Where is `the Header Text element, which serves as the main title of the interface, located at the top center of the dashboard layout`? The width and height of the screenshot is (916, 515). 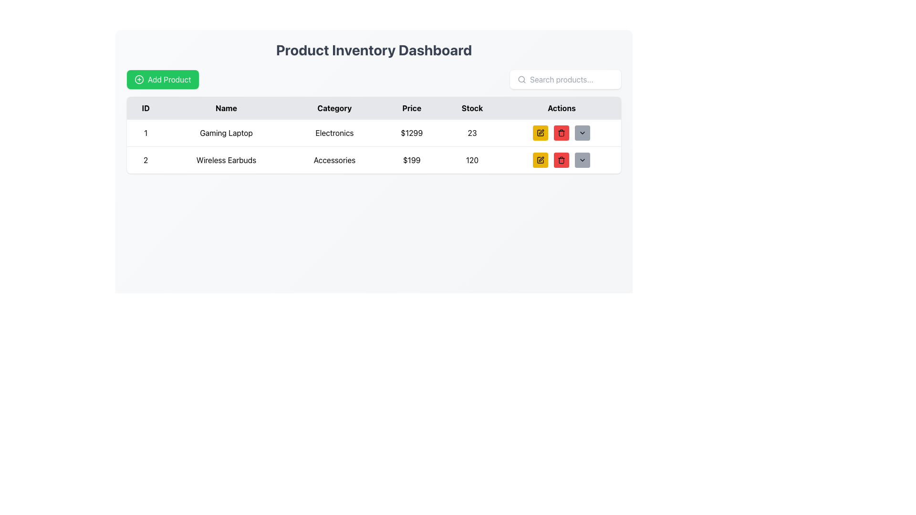
the Header Text element, which serves as the main title of the interface, located at the top center of the dashboard layout is located at coordinates (373, 50).